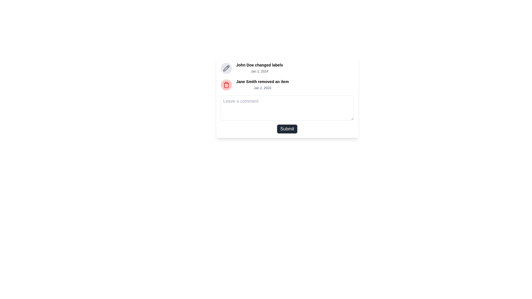 This screenshot has height=299, width=532. Describe the element at coordinates (262, 81) in the screenshot. I see `the text label reading 'Jane Smith removed an item', which is styled in a smaller bold font and located centrally within the interface` at that location.